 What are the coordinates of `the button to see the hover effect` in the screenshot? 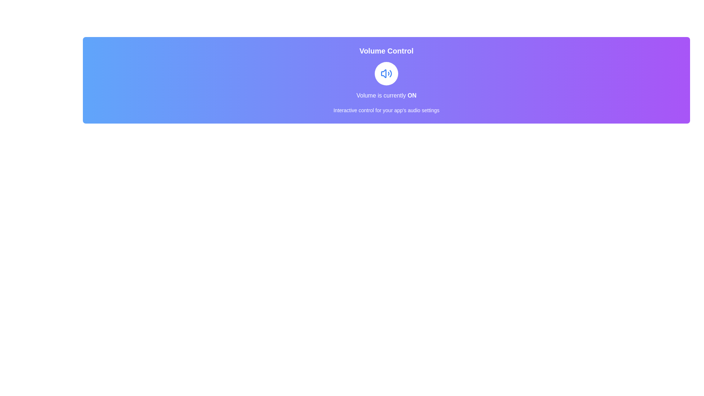 It's located at (386, 73).